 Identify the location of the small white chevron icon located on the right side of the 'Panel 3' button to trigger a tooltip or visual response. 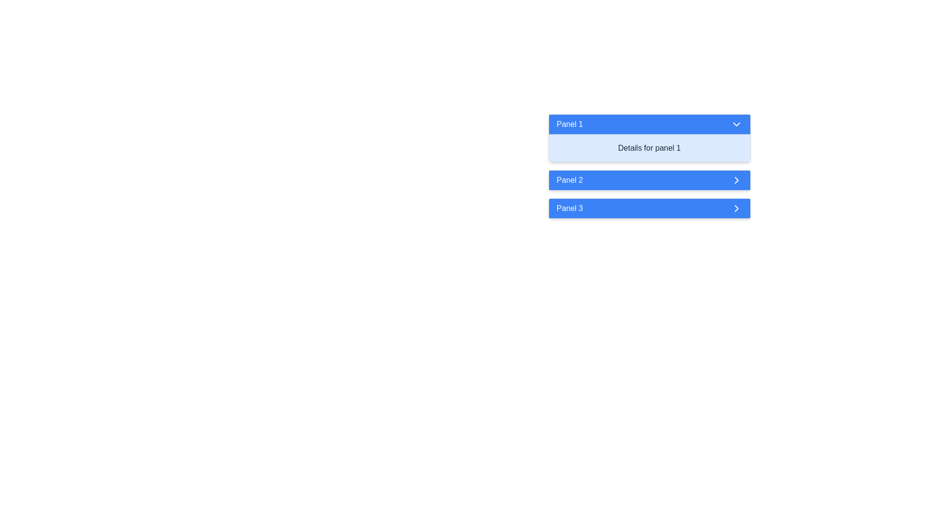
(736, 208).